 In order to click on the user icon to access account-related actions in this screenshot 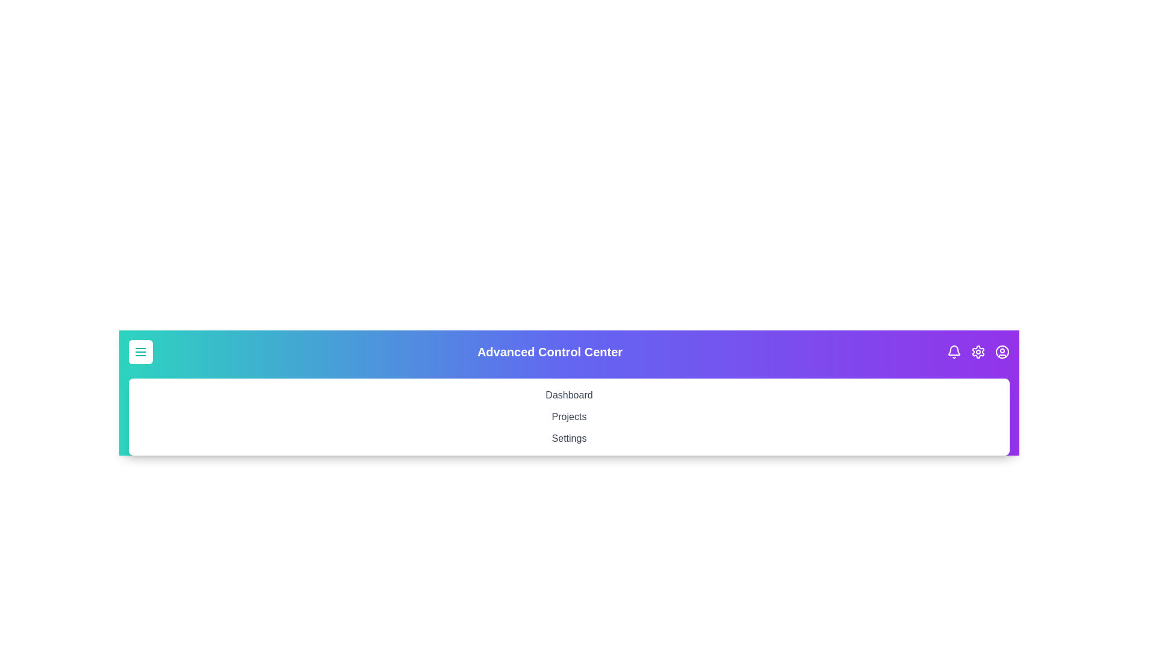, I will do `click(1002, 352)`.